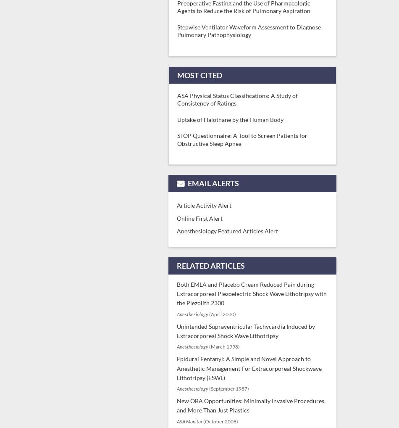  Describe the element at coordinates (213, 183) in the screenshot. I see `'Email alerts'` at that location.